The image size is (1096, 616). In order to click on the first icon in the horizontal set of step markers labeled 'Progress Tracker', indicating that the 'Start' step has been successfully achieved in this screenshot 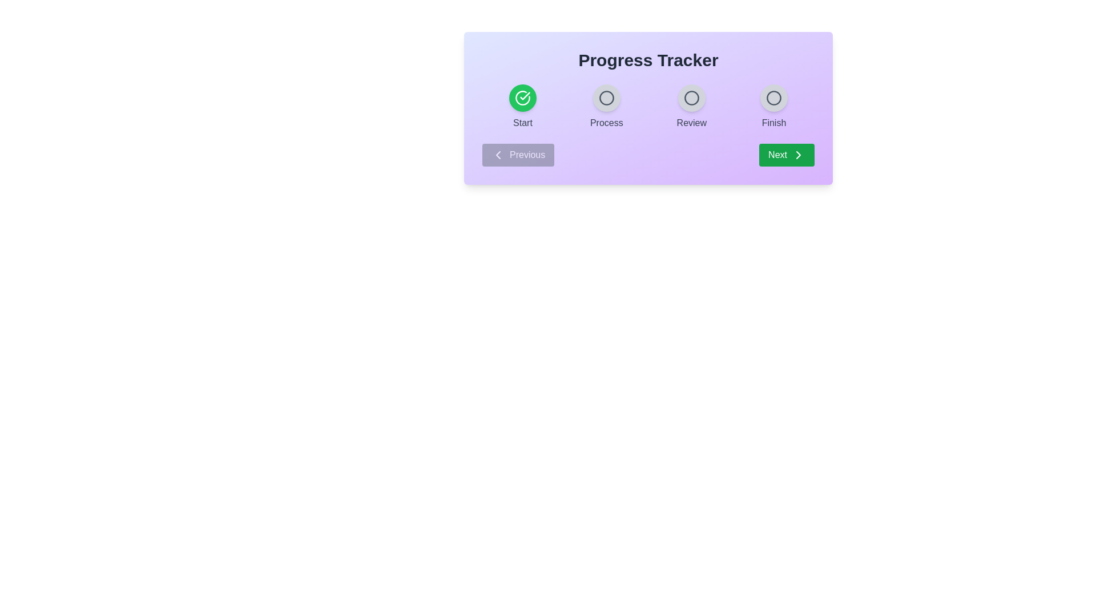, I will do `click(522, 98)`.